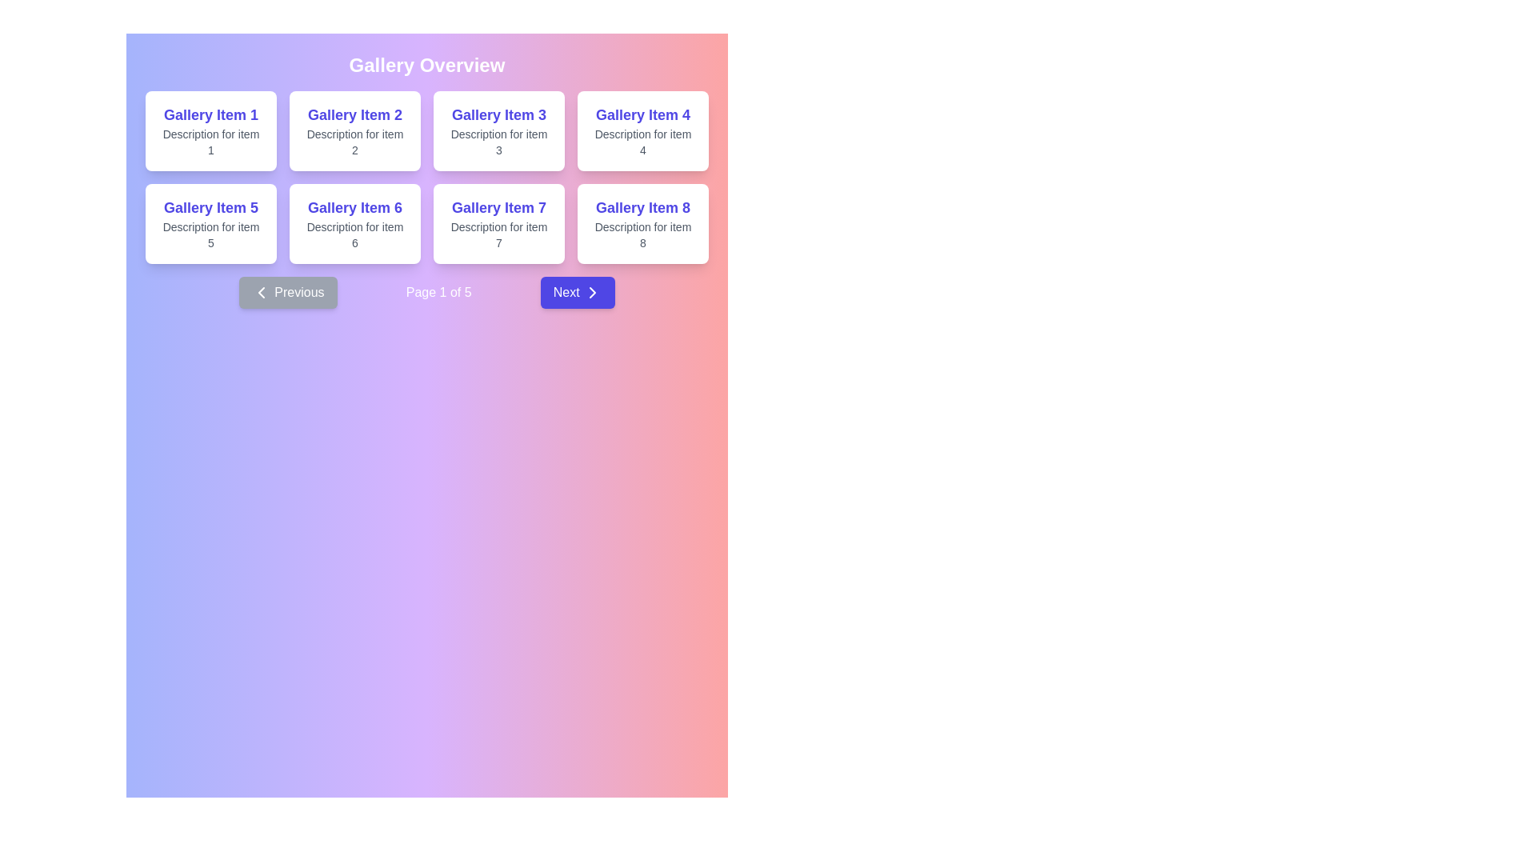  Describe the element at coordinates (643, 130) in the screenshot. I see `the card element titled 'Gallery Item 4' located at the top-right corner of the grid by moving the cursor to its center point` at that location.